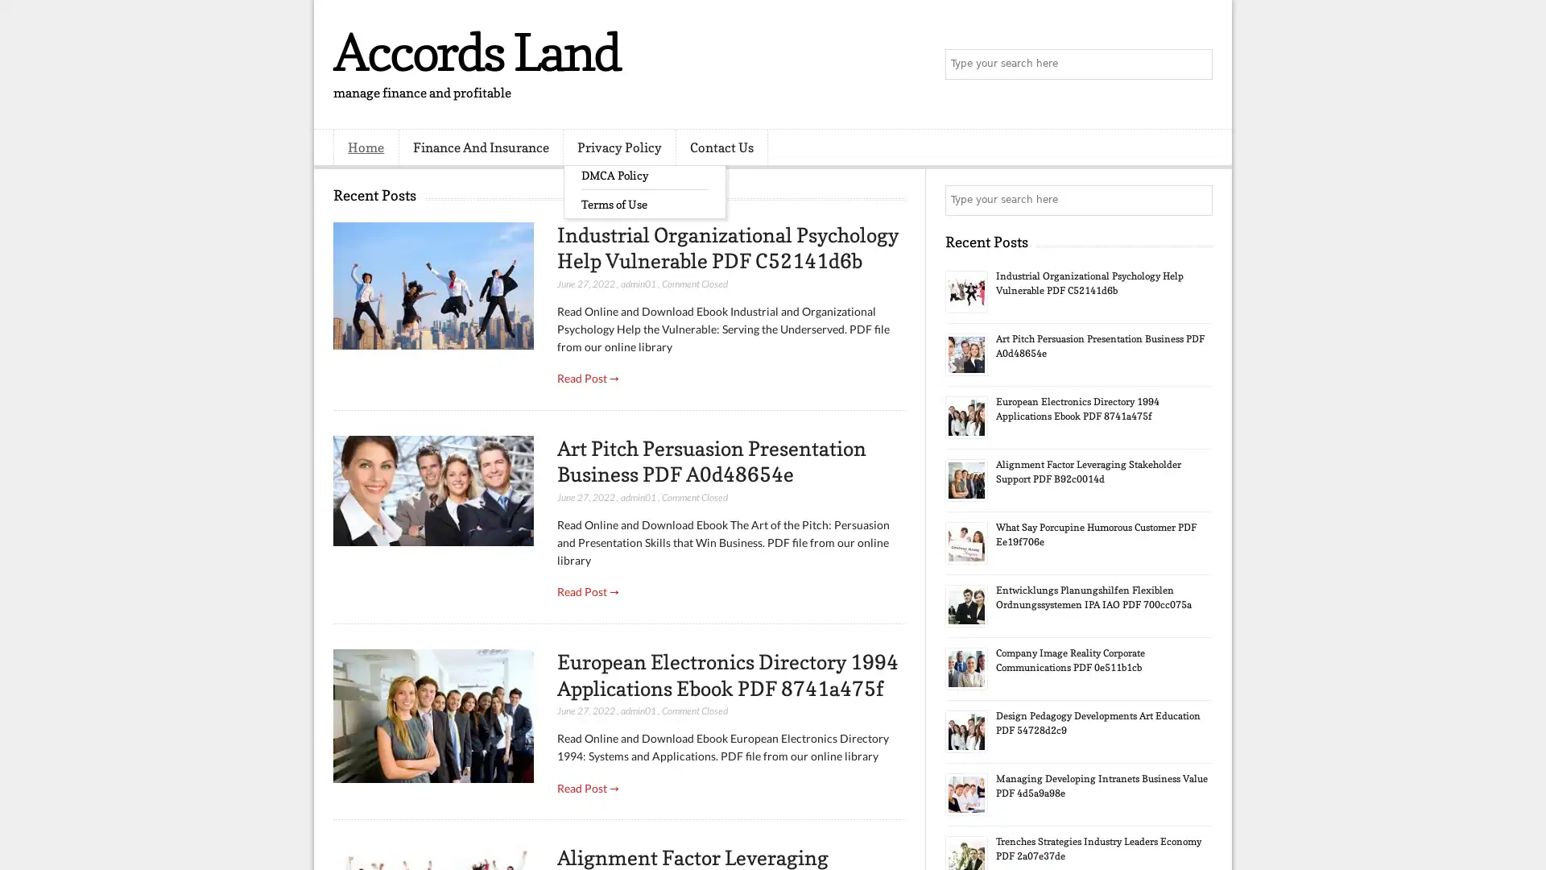 The image size is (1546, 870). What do you see at coordinates (1196, 200) in the screenshot?
I see `Search` at bounding box center [1196, 200].